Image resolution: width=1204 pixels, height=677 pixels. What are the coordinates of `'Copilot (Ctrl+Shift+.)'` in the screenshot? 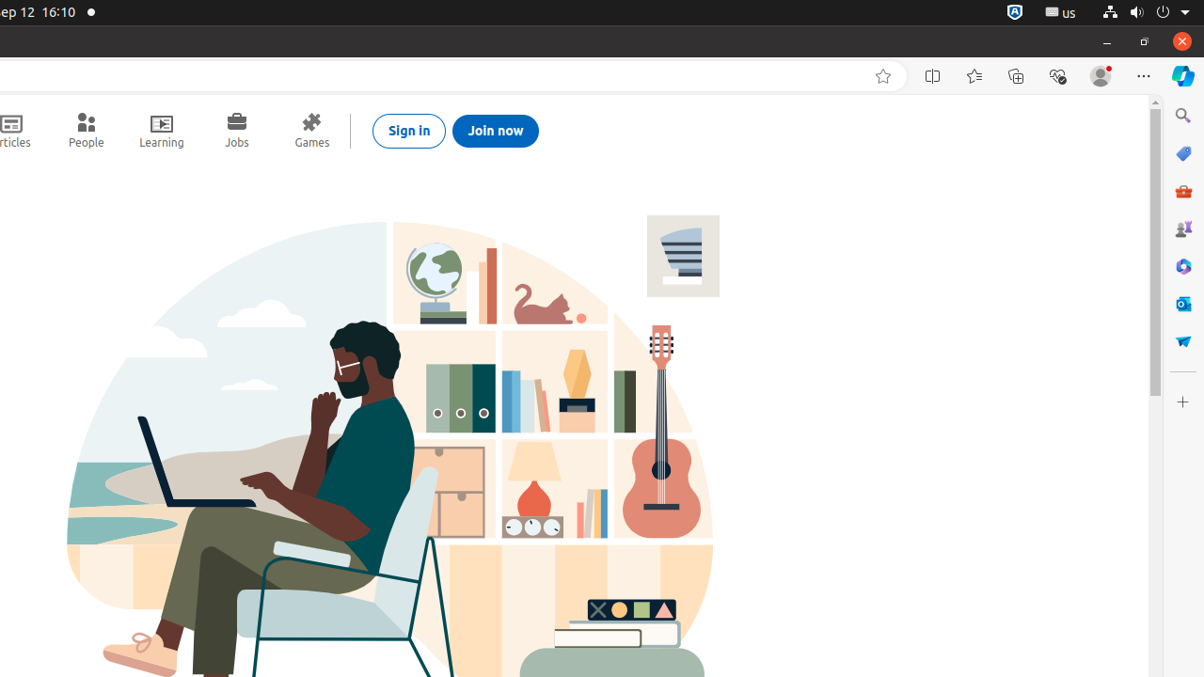 It's located at (1181, 75).